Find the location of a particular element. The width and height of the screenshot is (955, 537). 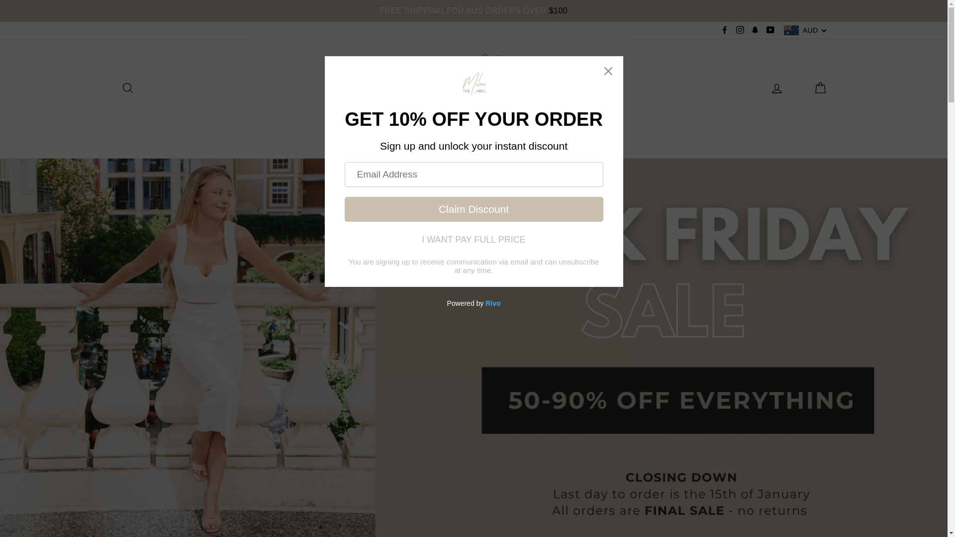

'Log in' is located at coordinates (776, 87).